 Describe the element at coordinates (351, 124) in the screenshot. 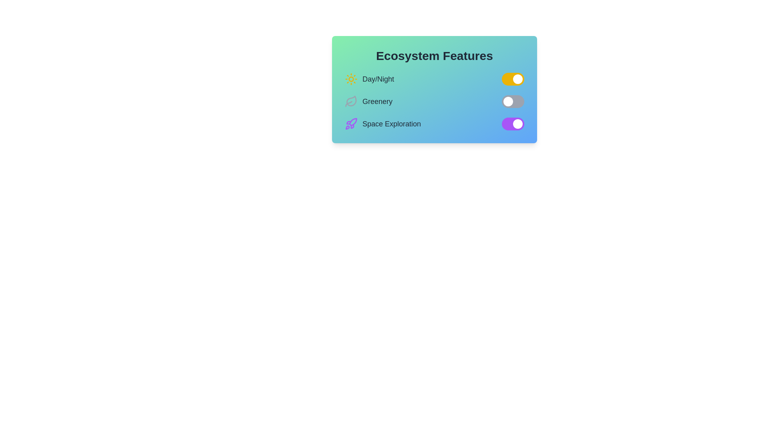

I see `the rocket icon with a purple stroke that is located next to the text 'Space Exploration' in the lower part of the interface` at that location.